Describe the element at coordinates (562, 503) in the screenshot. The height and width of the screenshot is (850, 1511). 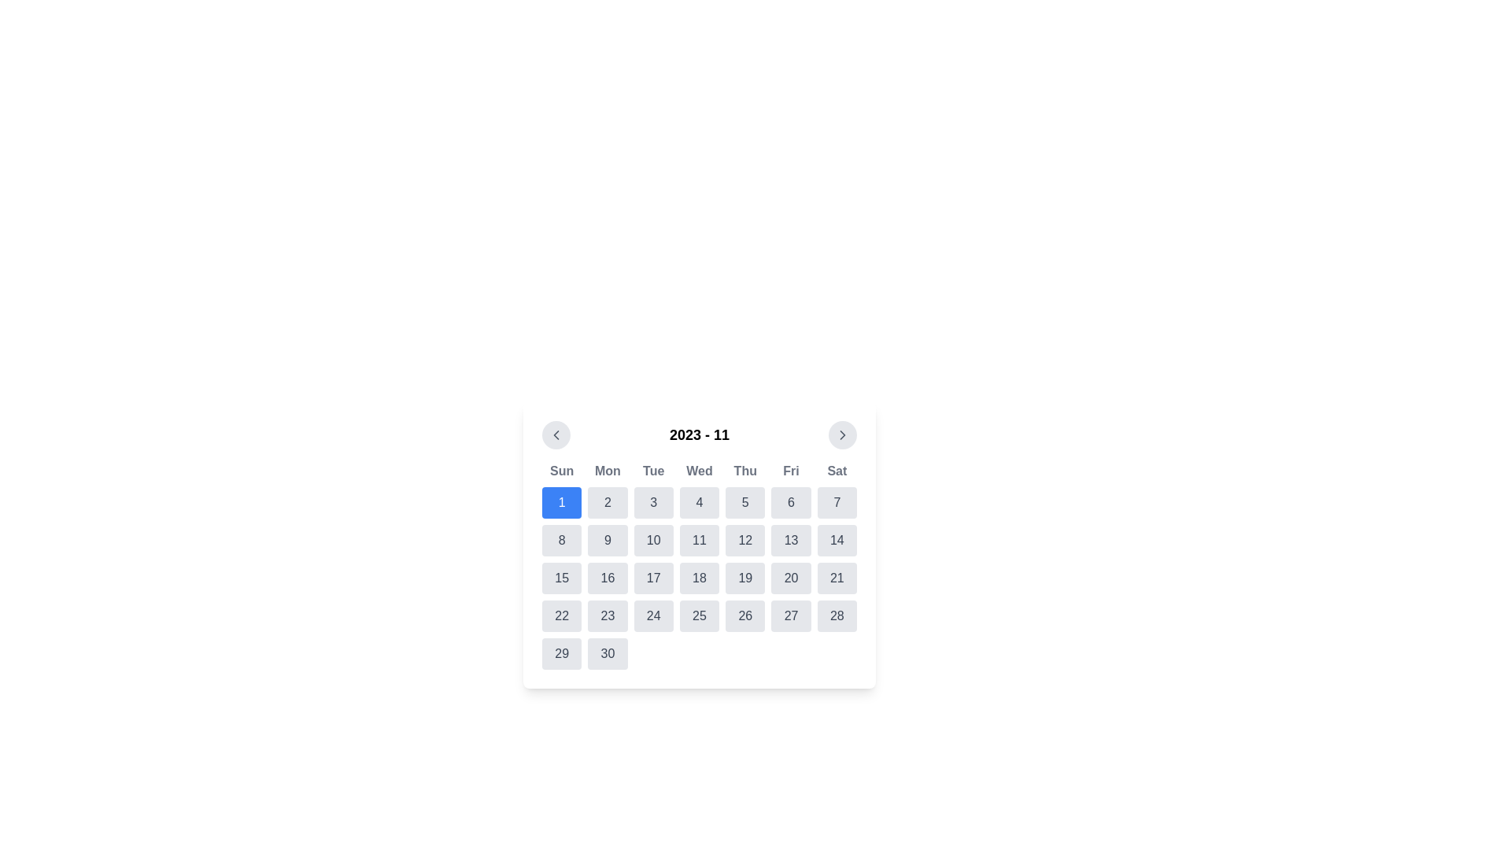
I see `the button representing the first day of the displayed month in the calendar interface` at that location.